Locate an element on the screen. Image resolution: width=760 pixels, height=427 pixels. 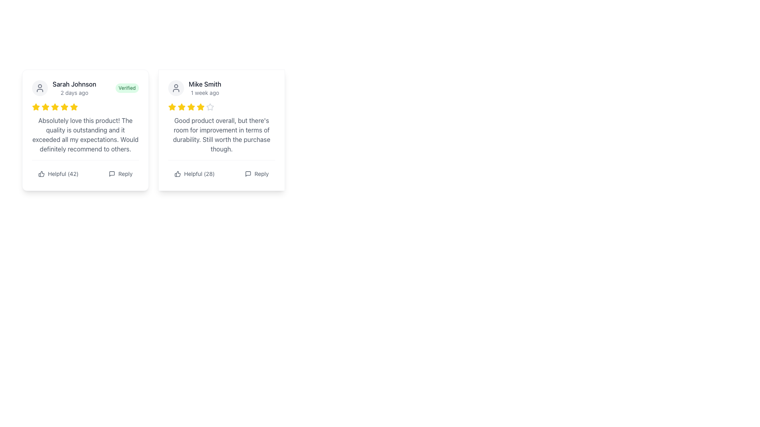
the thumbs-up icon located is located at coordinates (177, 173).